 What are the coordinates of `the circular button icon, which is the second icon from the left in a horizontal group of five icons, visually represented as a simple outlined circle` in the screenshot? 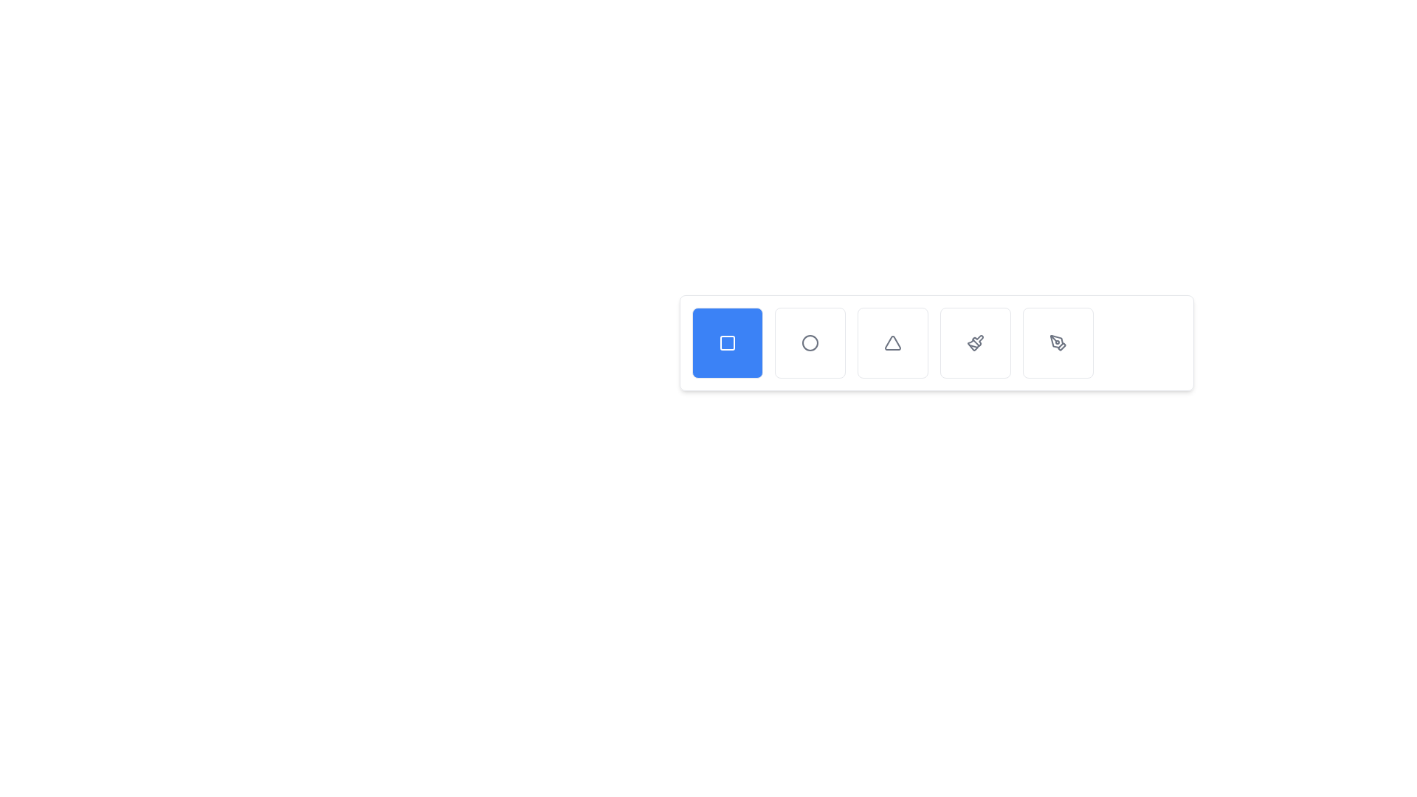 It's located at (810, 343).